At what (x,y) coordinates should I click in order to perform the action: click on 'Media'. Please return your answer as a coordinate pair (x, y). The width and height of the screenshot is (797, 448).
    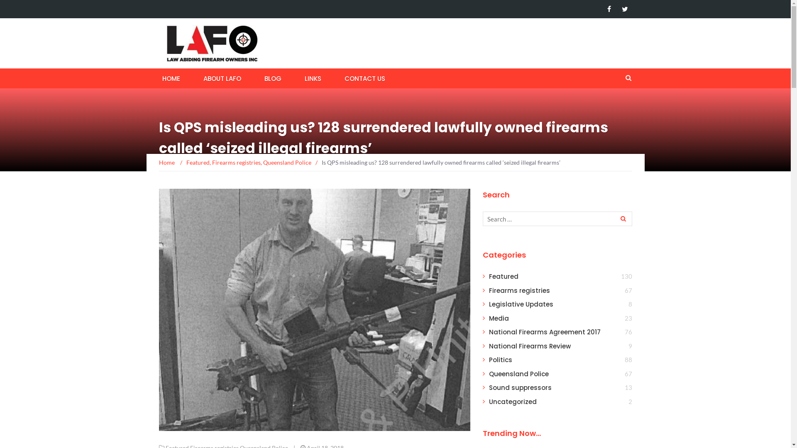
    Looking at the image, I should click on (498, 318).